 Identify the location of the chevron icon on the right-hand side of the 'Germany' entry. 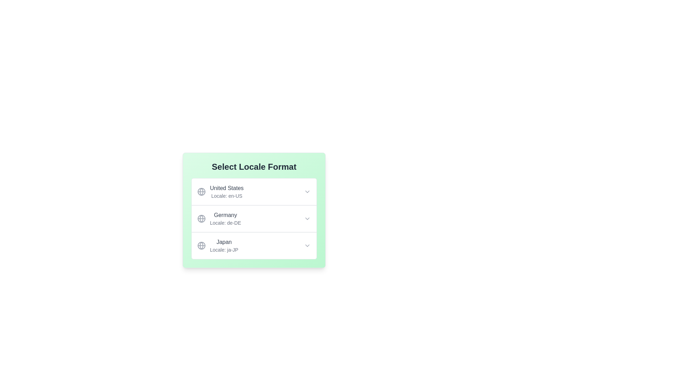
(307, 218).